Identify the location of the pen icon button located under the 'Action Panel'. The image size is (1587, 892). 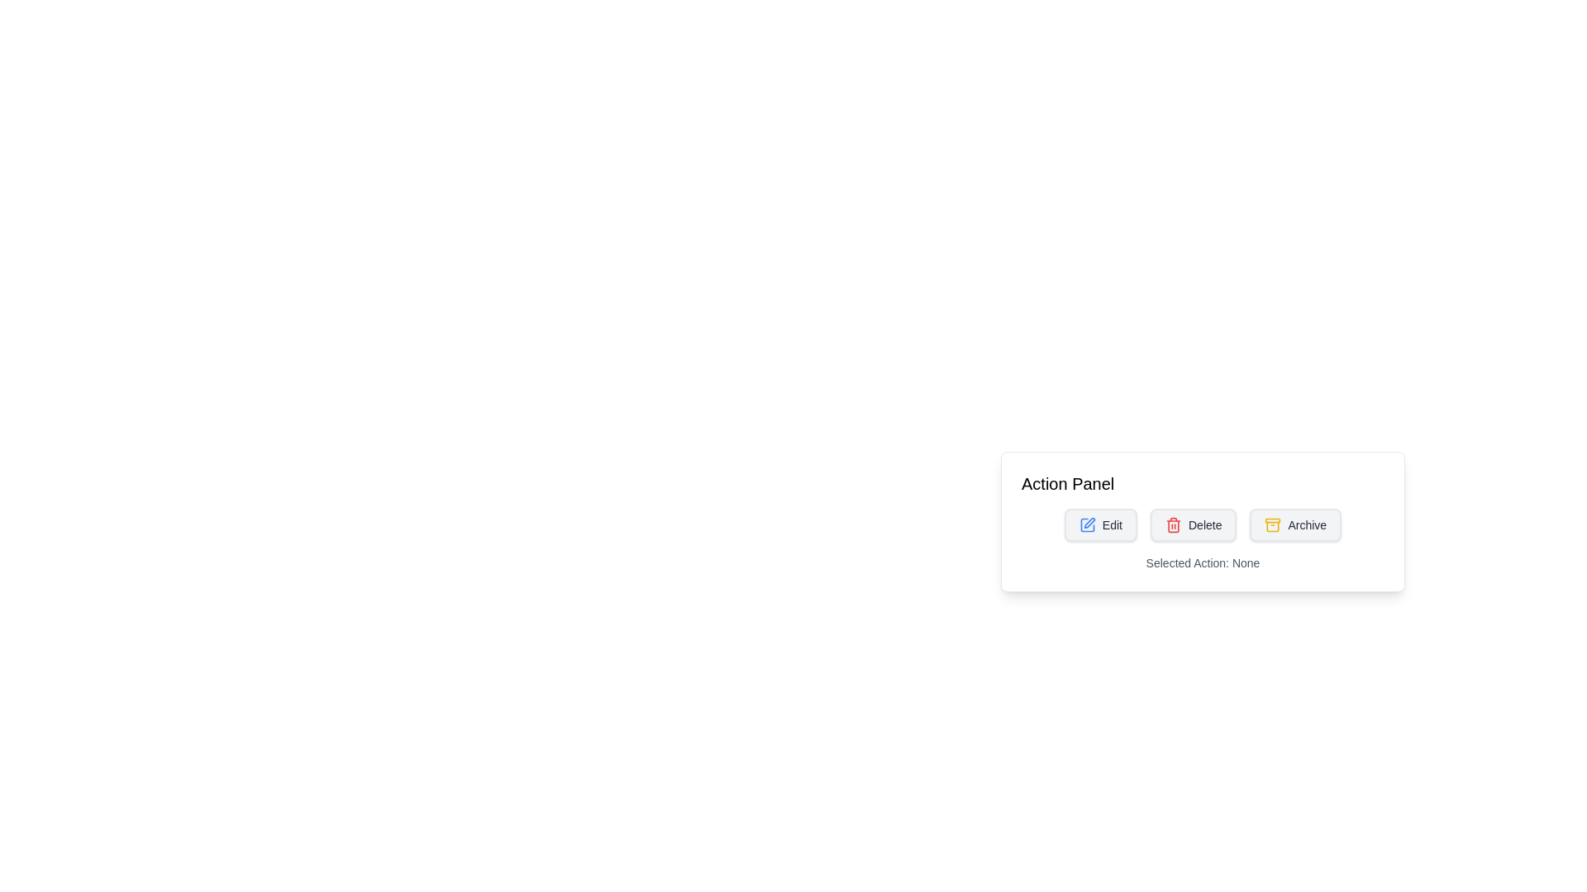
(1089, 522).